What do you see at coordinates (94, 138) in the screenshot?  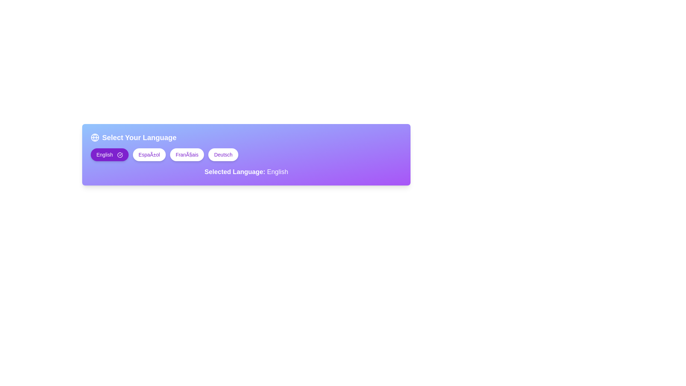 I see `the circular graphical element located at the top left corner of the globe image near the 'Select Your Language' text` at bounding box center [94, 138].